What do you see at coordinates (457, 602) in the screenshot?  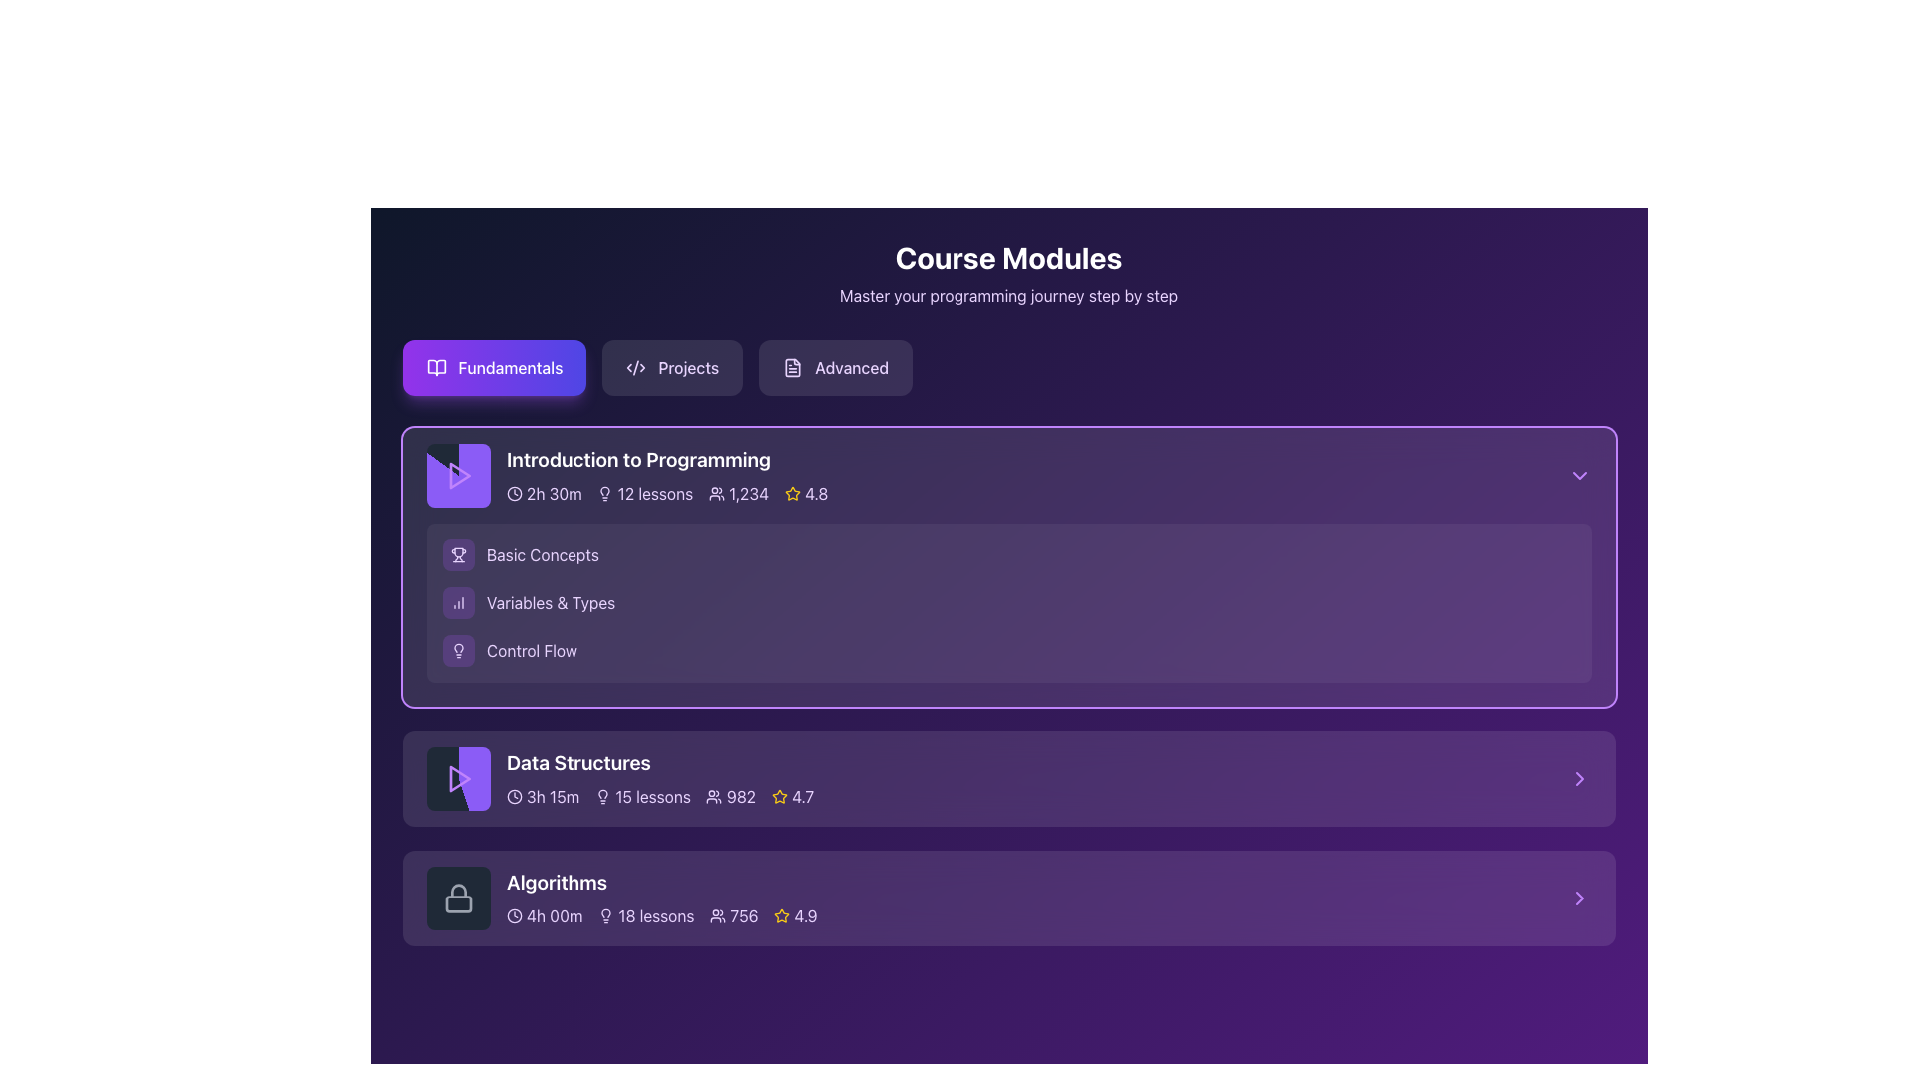 I see `the purple icon button with a bar chart icon located in the 'Variables & Types' list item` at bounding box center [457, 602].